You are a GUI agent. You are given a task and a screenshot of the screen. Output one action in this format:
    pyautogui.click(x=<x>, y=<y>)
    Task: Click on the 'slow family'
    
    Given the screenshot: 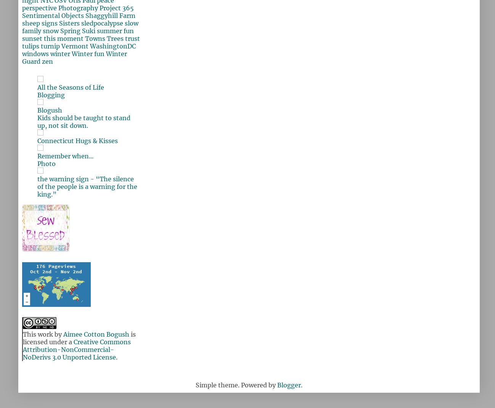 What is the action you would take?
    pyautogui.click(x=80, y=26)
    